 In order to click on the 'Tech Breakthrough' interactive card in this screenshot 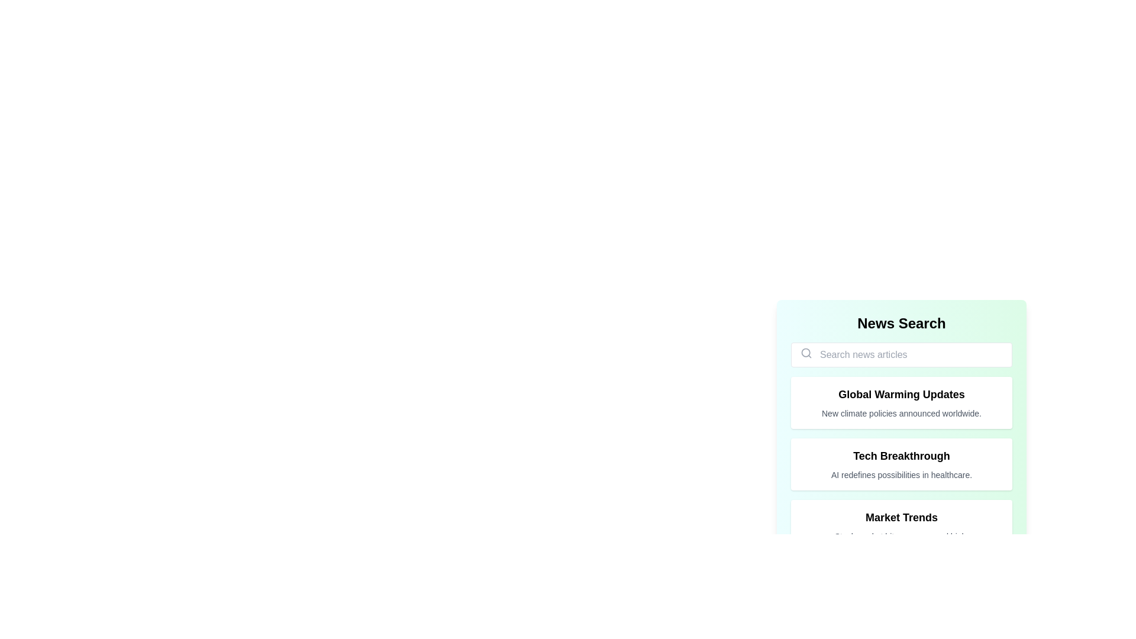, I will do `click(901, 464)`.